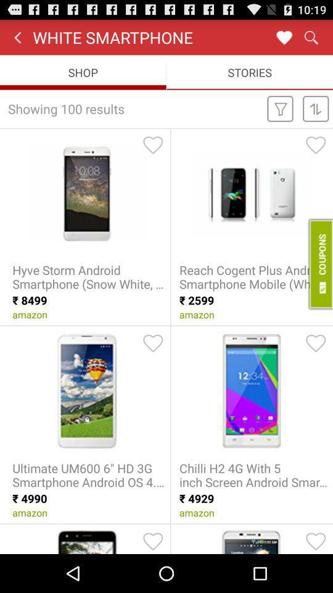 This screenshot has width=333, height=593. Describe the element at coordinates (17, 40) in the screenshot. I see `the arrow_backward icon` at that location.